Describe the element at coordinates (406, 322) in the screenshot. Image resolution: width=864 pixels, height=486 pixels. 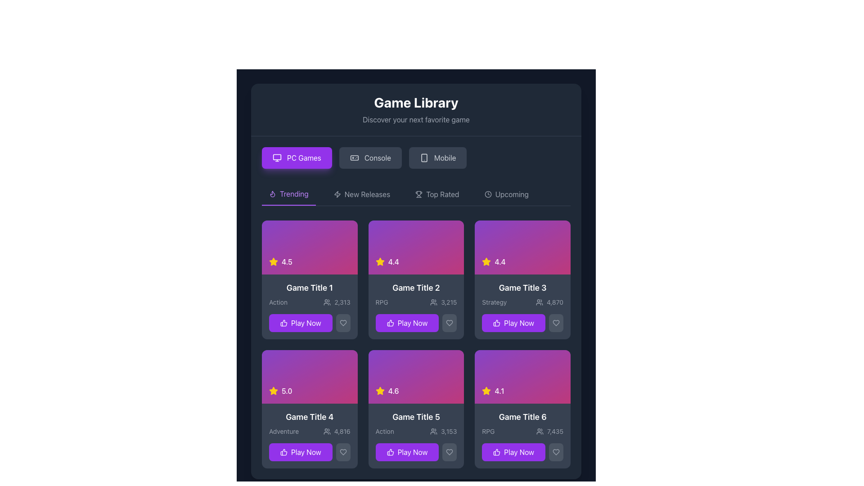
I see `the 'Play Now' button with a purple background and white text, which is located in the second column of the first row of the game card grid` at that location.